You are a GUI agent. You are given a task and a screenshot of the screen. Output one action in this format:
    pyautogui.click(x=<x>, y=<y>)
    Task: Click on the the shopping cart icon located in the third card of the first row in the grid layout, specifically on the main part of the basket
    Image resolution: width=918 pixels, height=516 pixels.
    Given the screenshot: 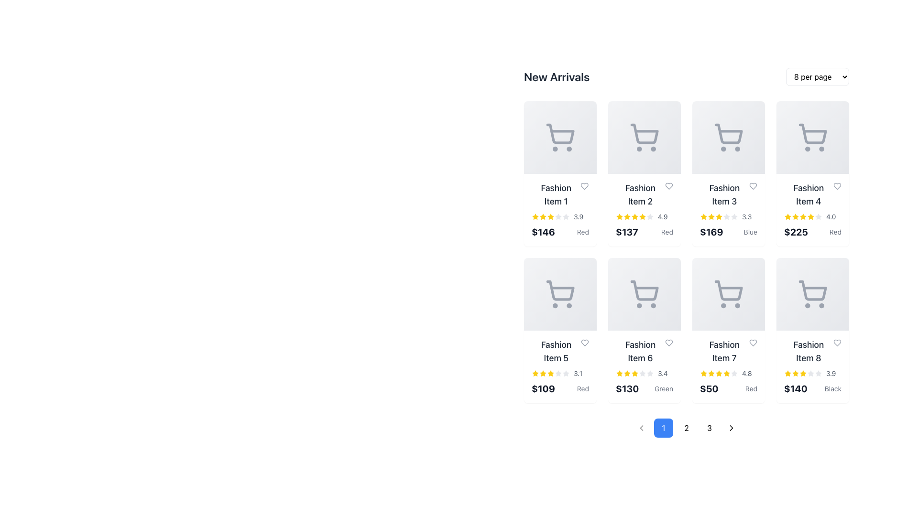 What is the action you would take?
    pyautogui.click(x=728, y=134)
    